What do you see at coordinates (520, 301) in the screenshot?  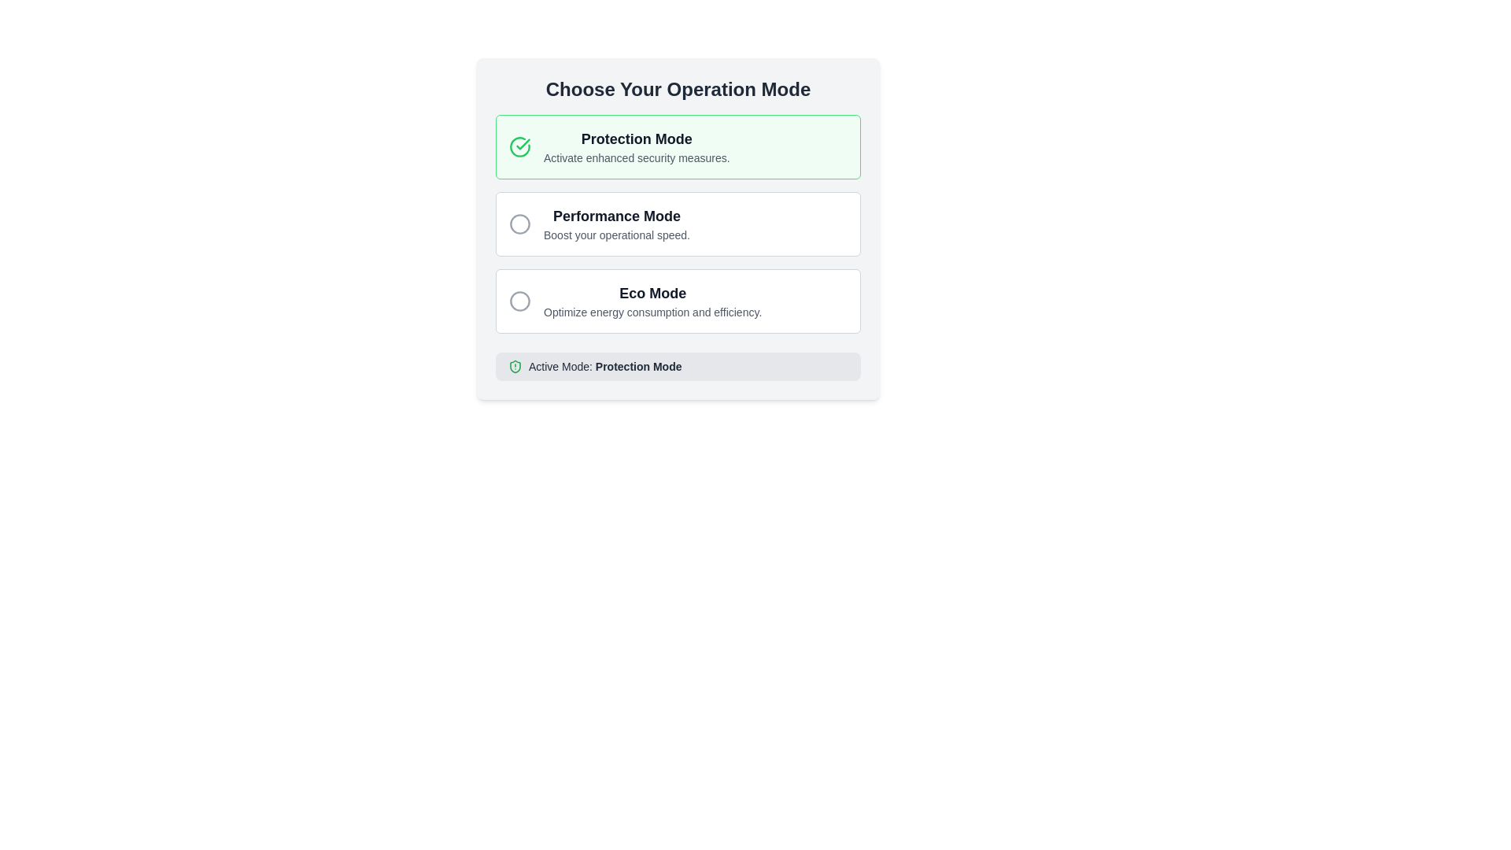 I see `the interactive selection indicator for the 'Eco Mode' option` at bounding box center [520, 301].